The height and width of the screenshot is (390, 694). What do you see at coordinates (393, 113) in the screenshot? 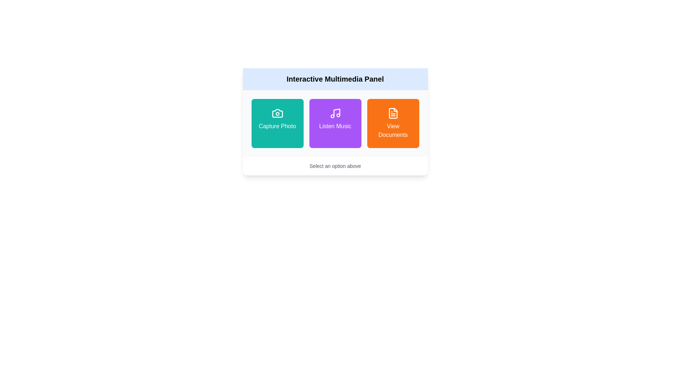
I see `the minimalist file icon with text lines, which is located at the center of the orange 'View Documents' button` at bounding box center [393, 113].